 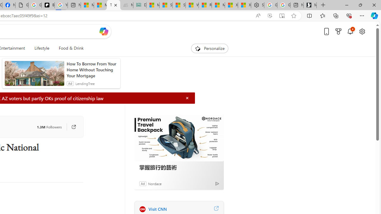 I want to click on 'Notifications', so click(x=350, y=31).